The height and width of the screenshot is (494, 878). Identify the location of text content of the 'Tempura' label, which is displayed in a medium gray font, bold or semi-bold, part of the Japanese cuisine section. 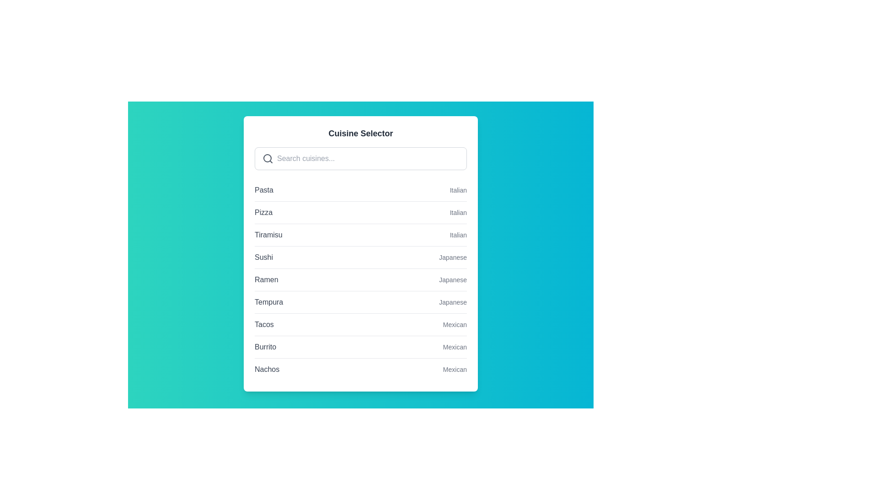
(268, 302).